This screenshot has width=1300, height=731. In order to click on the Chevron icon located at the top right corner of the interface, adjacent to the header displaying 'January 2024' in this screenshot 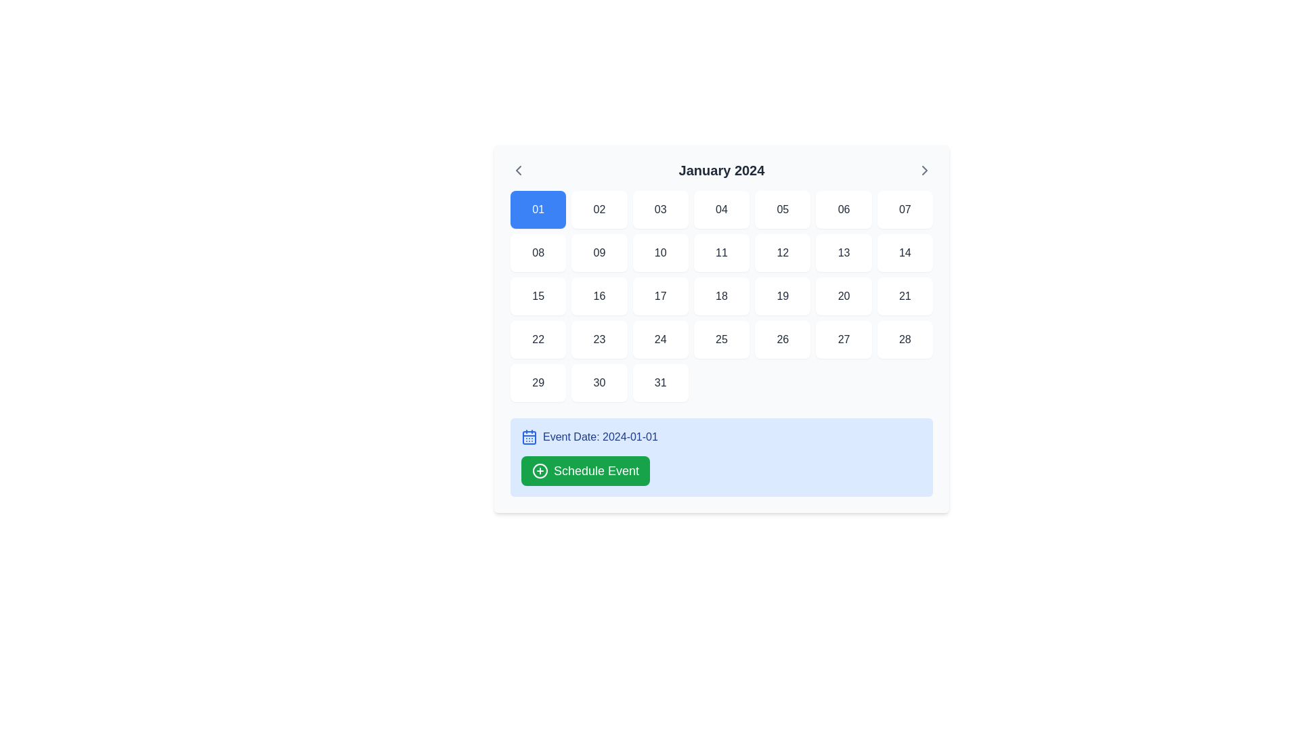, I will do `click(924, 169)`.